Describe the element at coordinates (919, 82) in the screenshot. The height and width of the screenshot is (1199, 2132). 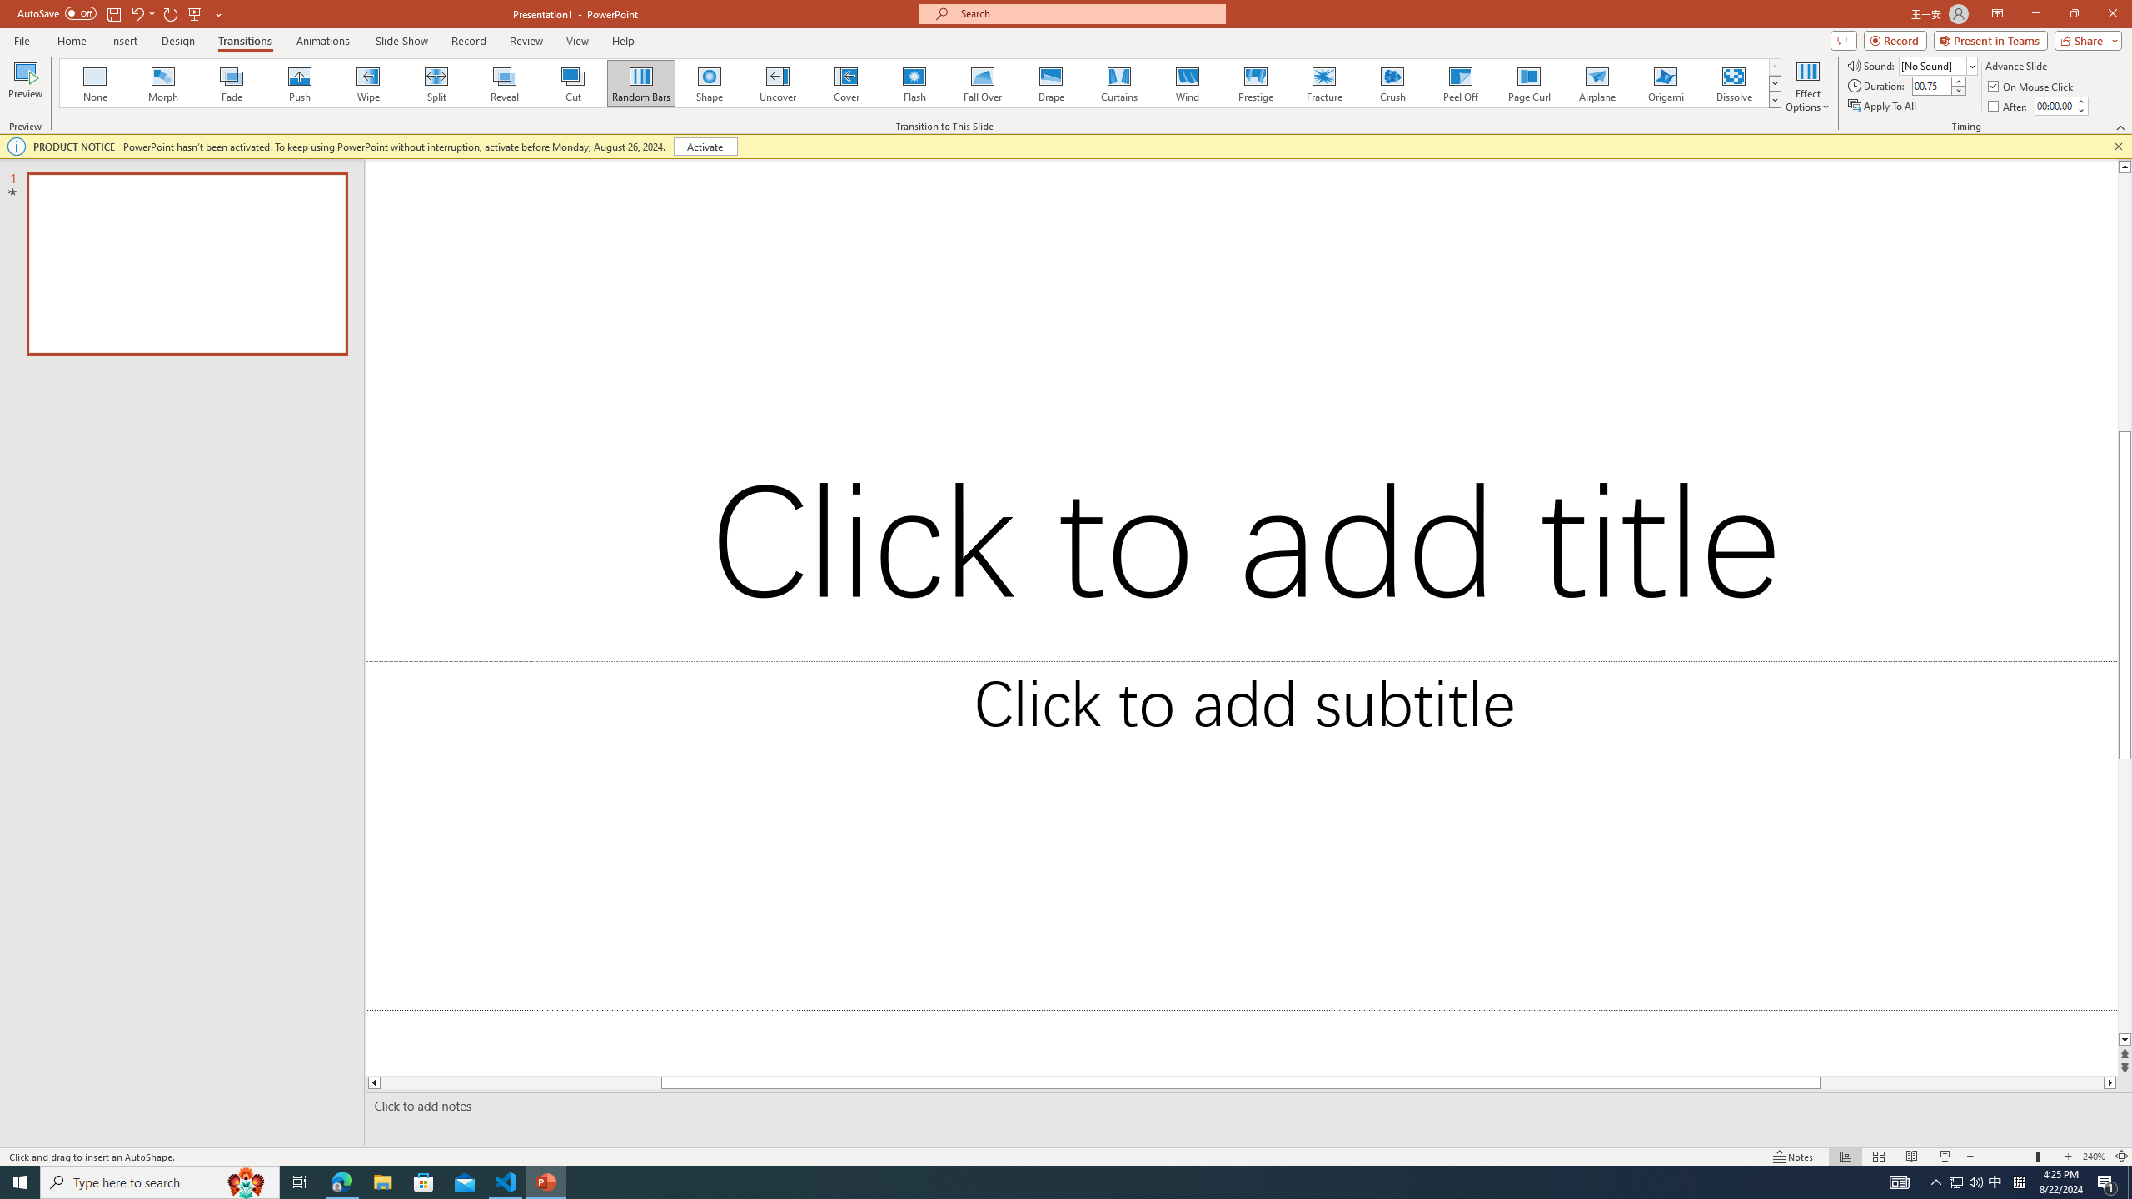
I see `'AutomationID: AnimationTransitionGallery'` at that location.